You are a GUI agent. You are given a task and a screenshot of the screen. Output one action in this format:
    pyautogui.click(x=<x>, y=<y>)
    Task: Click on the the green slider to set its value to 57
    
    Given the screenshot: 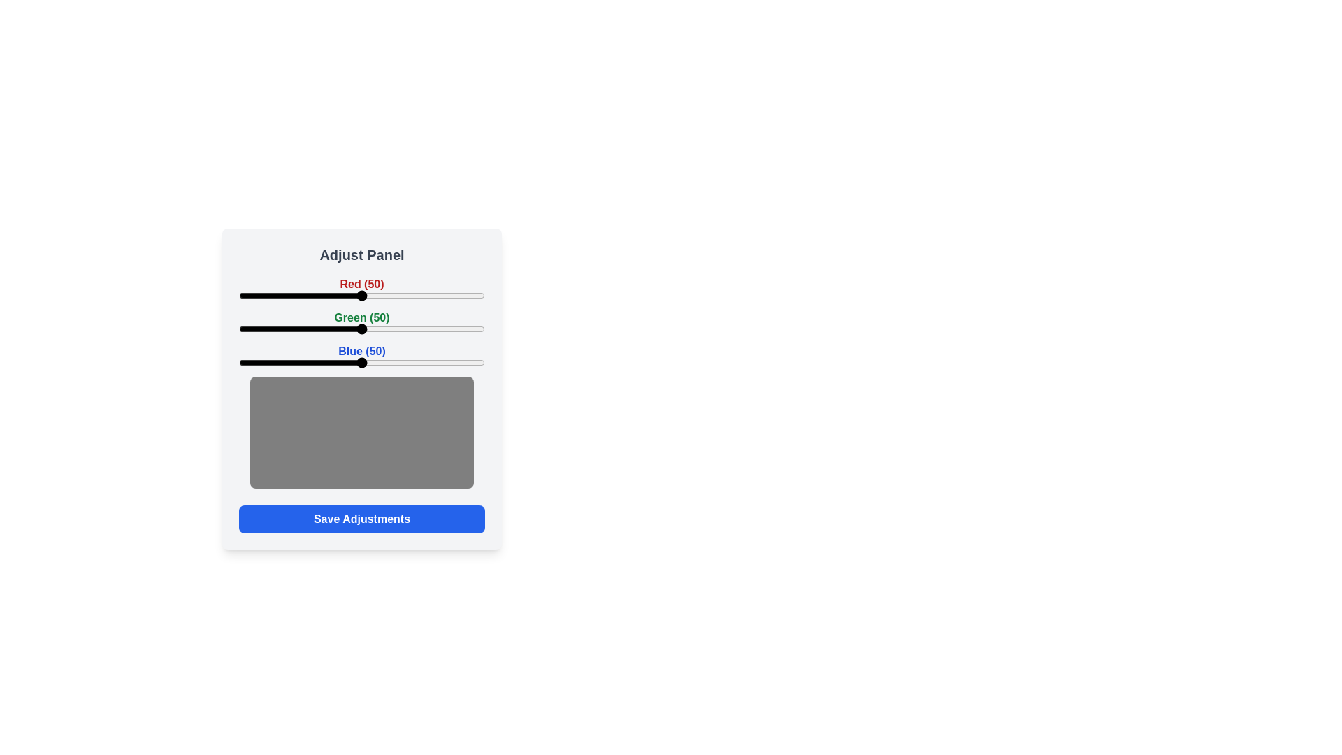 What is the action you would take?
    pyautogui.click(x=379, y=329)
    